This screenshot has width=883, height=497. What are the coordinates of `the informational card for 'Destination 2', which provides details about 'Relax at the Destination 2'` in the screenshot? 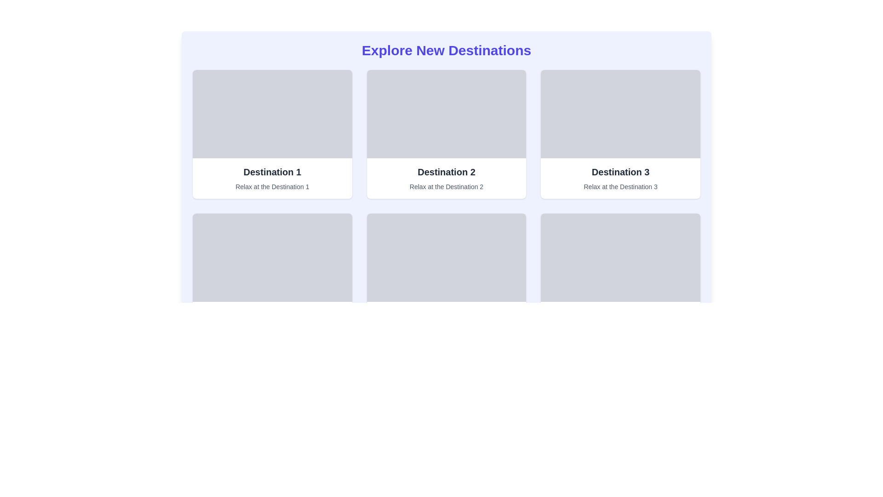 It's located at (446, 134).